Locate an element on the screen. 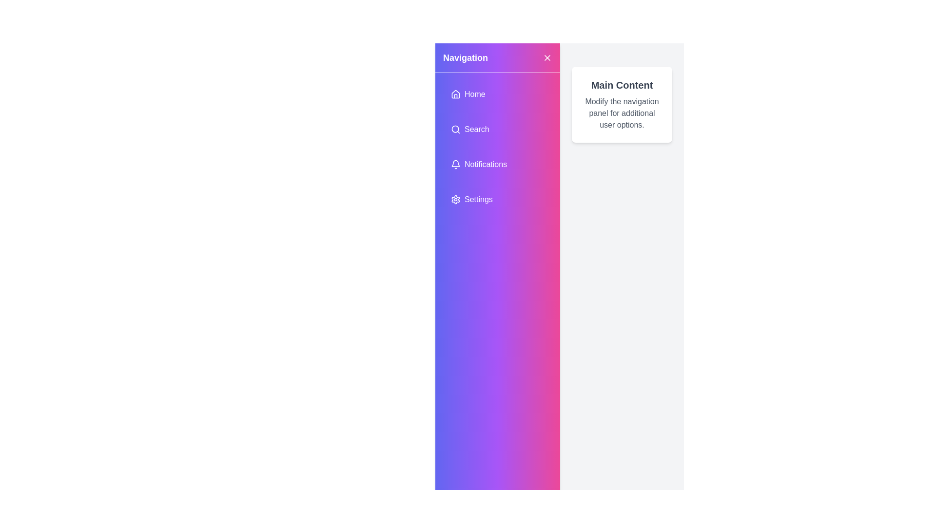 This screenshot has height=526, width=936. the close button in the top-right corner of the navigation panel header to observe its hover state is located at coordinates (547, 58).